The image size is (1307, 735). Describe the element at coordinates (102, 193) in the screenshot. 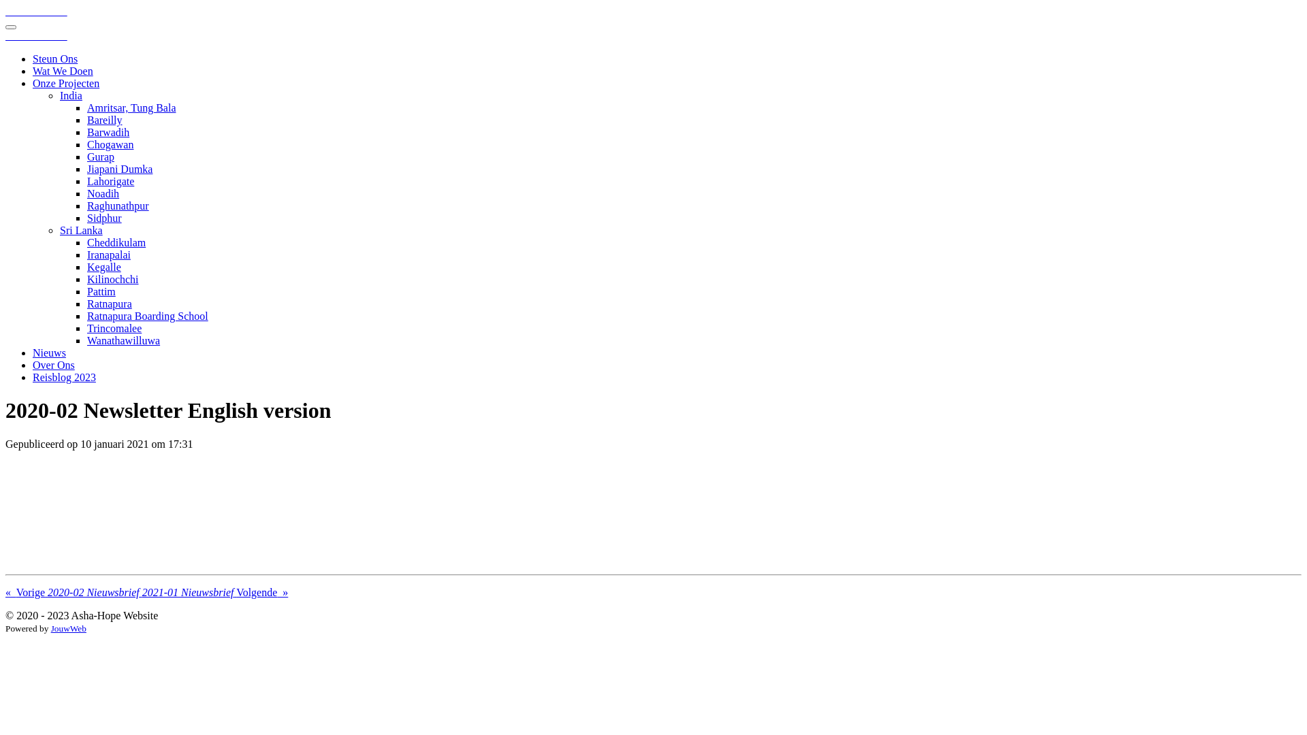

I see `'Noadih'` at that location.